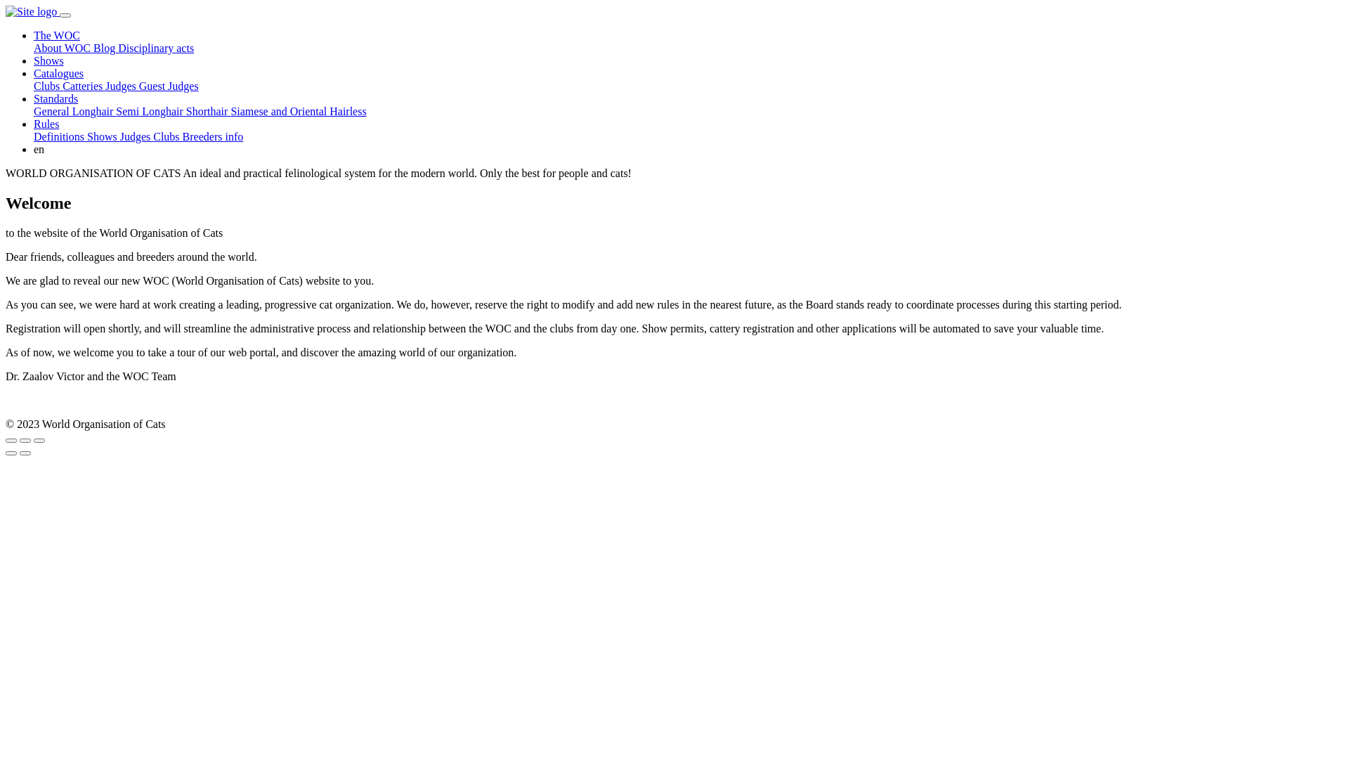  Describe the element at coordinates (155, 47) in the screenshot. I see `'Disciplinary acts'` at that location.